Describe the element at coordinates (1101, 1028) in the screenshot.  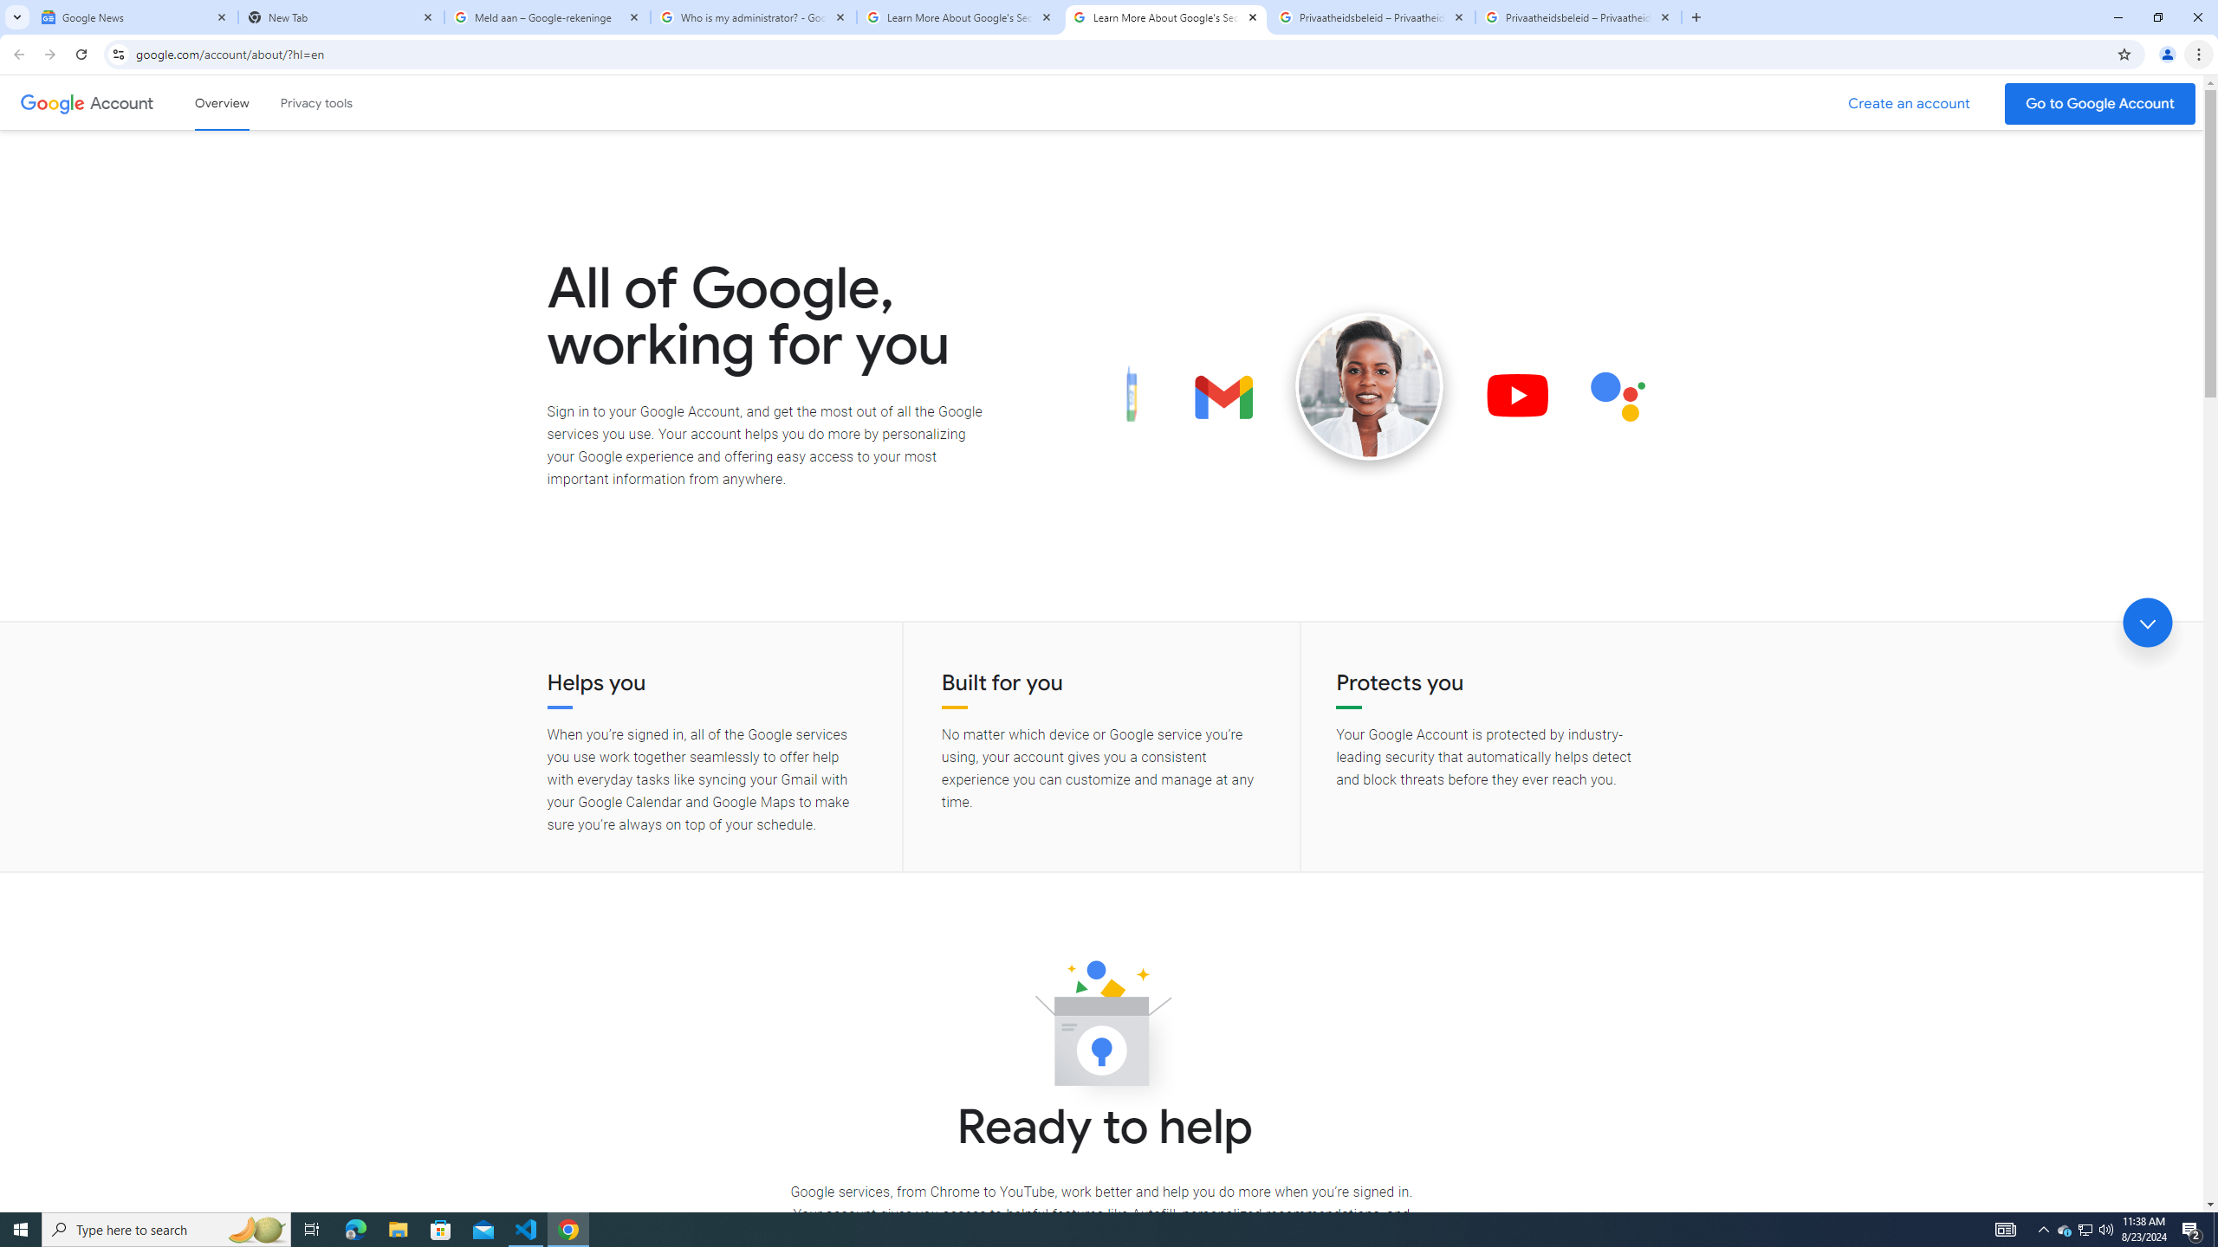
I see `'Ready to help'` at that location.